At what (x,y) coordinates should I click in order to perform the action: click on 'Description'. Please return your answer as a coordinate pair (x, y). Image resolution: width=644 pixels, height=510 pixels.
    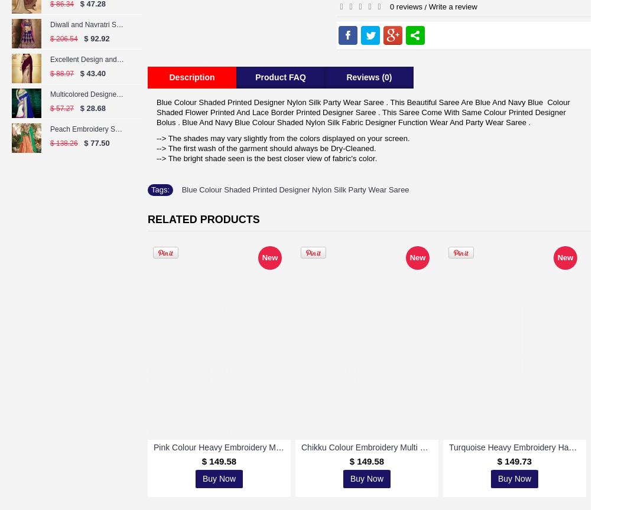
    Looking at the image, I should click on (191, 76).